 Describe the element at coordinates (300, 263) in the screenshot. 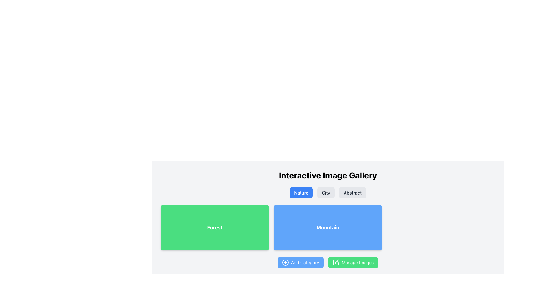

I see `the 'Add Category' button, which is a rectangular button with a blue background and white text, located at the bottom center of the interface` at that location.